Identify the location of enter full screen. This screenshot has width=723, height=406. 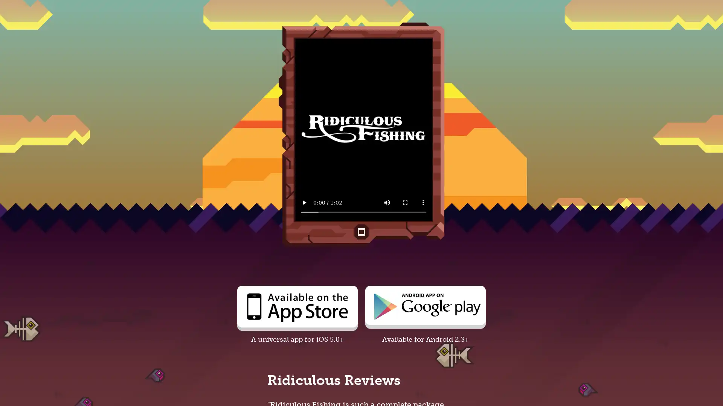
(404, 202).